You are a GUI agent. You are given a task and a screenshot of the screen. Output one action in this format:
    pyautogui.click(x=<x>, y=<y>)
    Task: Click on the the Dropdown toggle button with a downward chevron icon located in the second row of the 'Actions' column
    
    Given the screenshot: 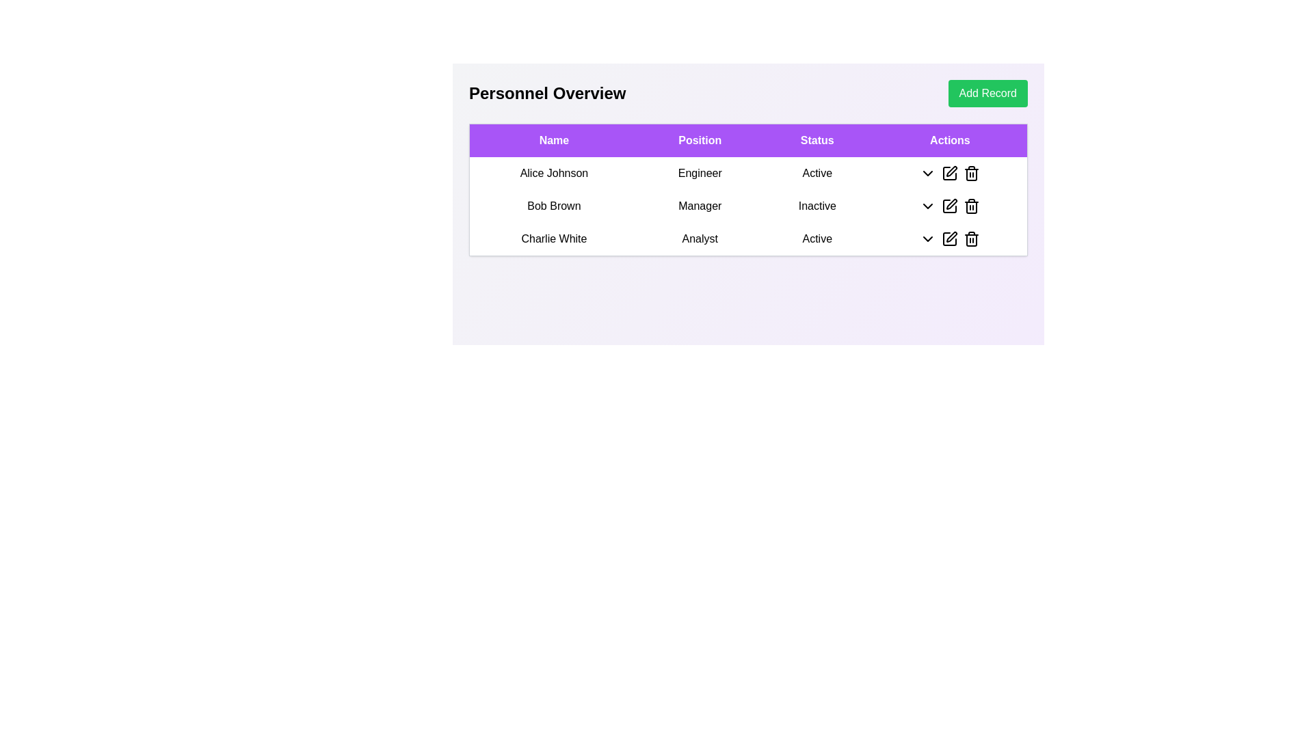 What is the action you would take?
    pyautogui.click(x=928, y=206)
    